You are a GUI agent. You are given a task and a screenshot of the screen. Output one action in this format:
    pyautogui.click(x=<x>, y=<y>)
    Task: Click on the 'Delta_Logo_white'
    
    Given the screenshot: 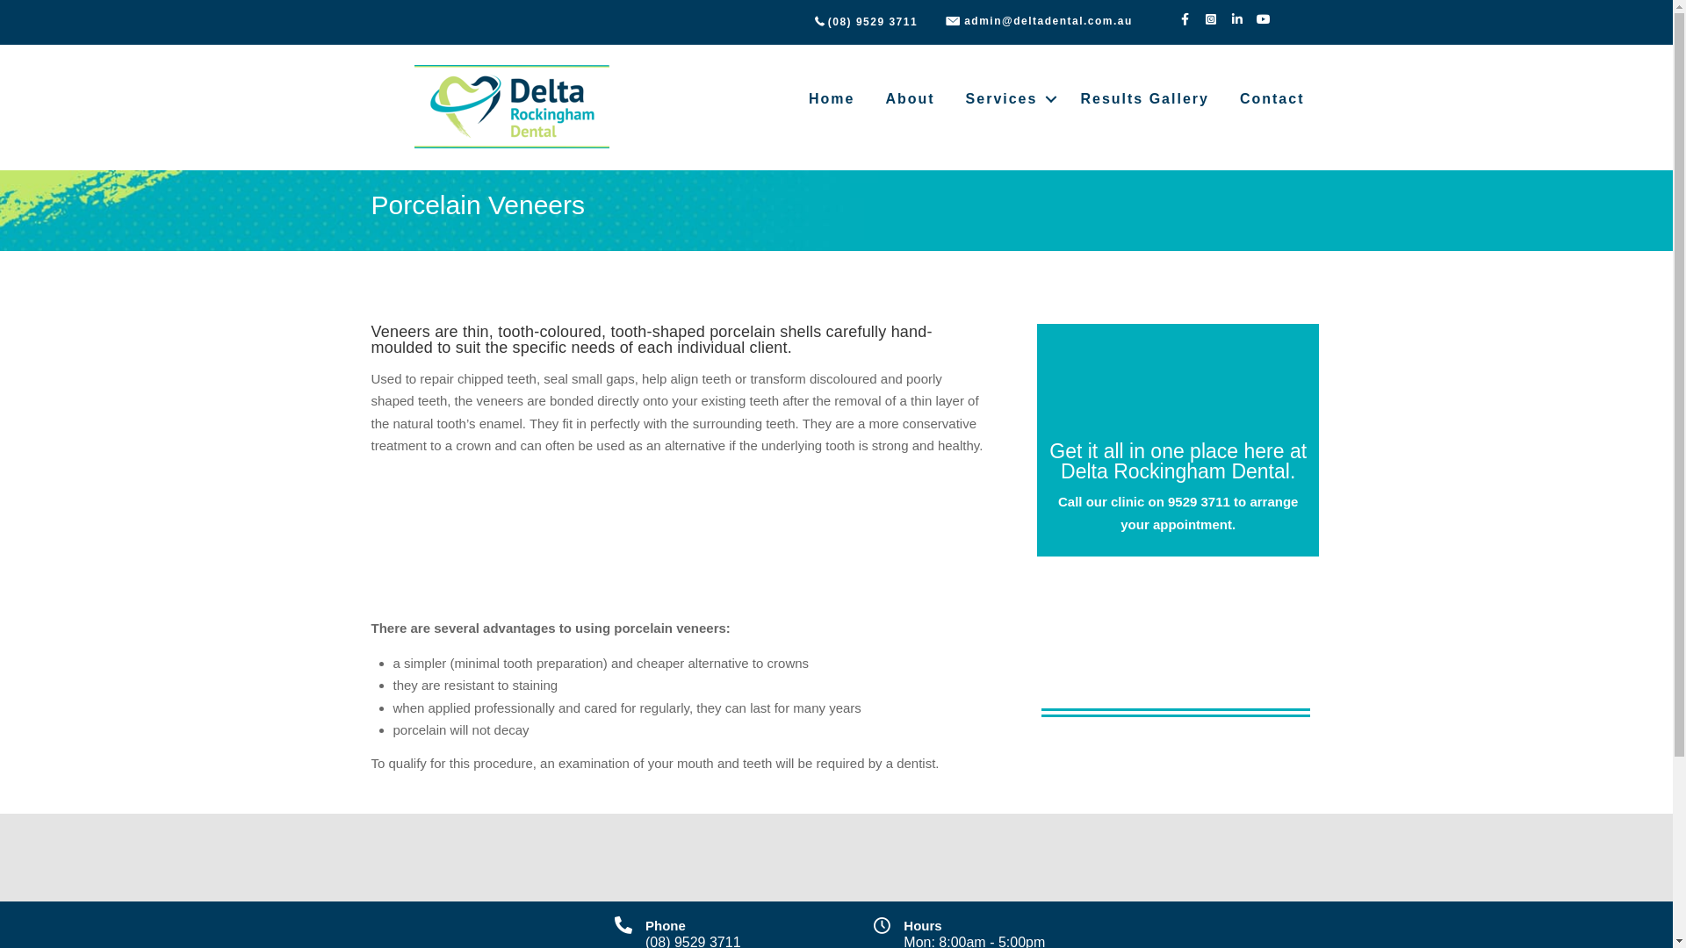 What is the action you would take?
    pyautogui.click(x=1178, y=385)
    